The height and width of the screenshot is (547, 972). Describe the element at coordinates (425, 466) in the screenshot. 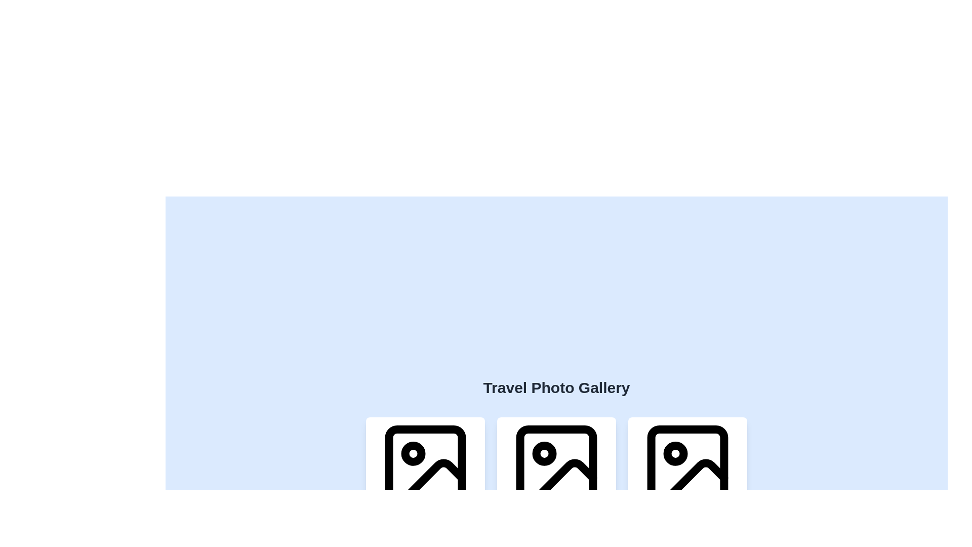

I see `the SVG element styled as an icon located in the gallery near the 'Travel Photo Gallery' heading` at that location.